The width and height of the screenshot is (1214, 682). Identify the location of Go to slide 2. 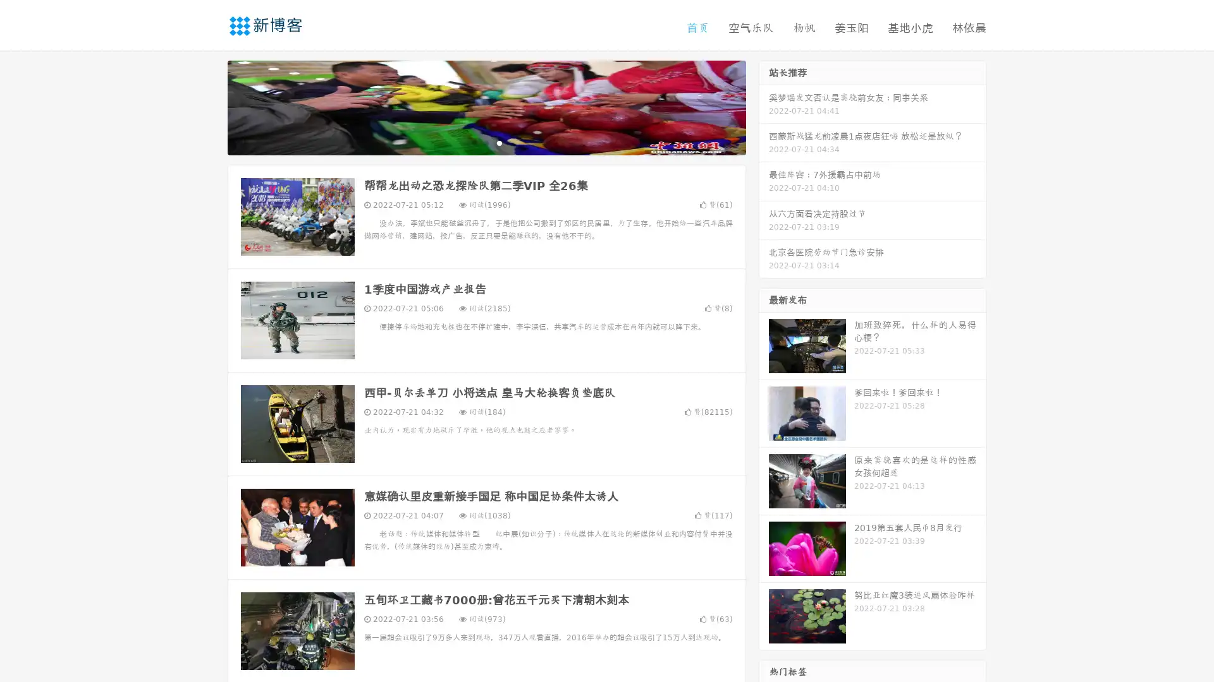
(486, 142).